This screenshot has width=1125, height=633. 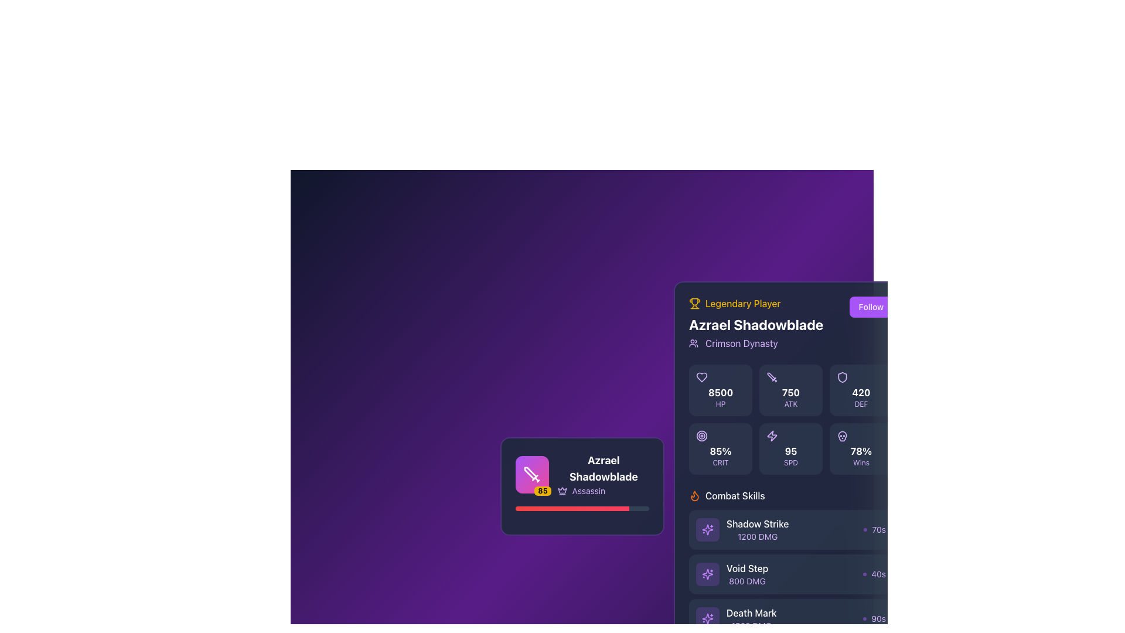 I want to click on the purple shield icon at the top center of the Stat card with a dark slate gray background and bold white number '420', so click(x=861, y=390).